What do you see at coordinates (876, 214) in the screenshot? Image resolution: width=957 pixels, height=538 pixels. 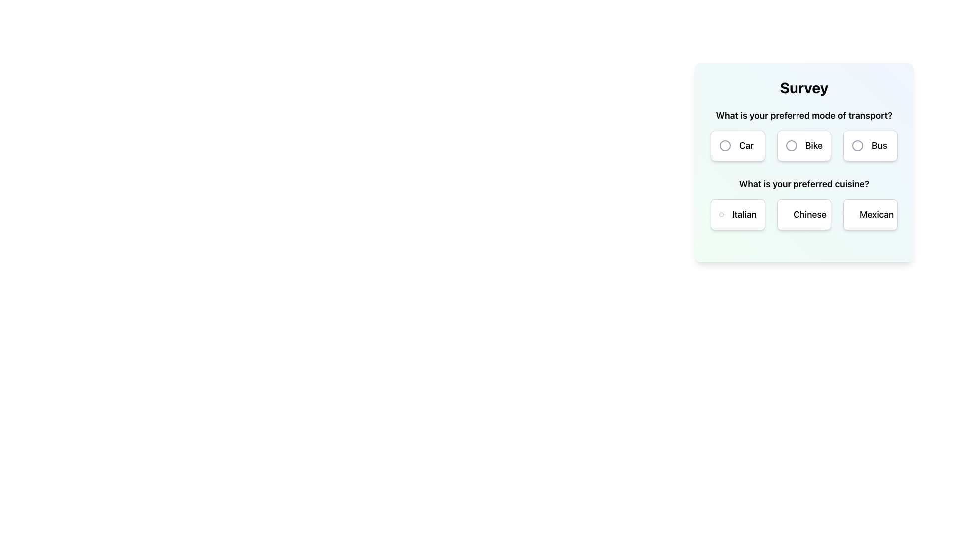 I see `the text label that identifies the Mexican cuisine option in the selection interface for preferred cuisine, located under the 'What is your preferred cuisine?' section` at bounding box center [876, 214].